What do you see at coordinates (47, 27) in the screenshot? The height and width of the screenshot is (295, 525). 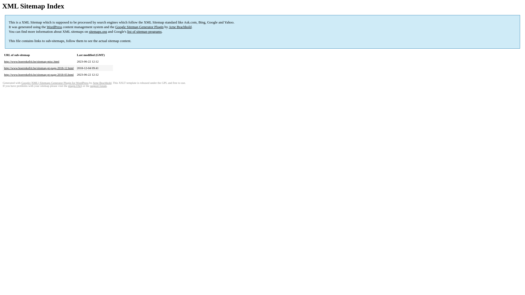 I see `'WordPress'` at bounding box center [47, 27].